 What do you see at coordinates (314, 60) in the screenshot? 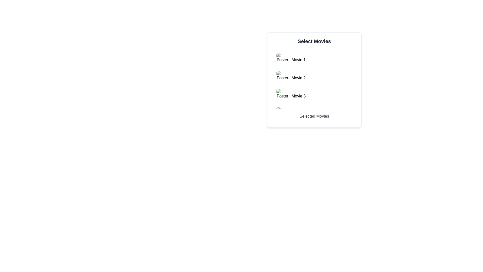
I see `the list item displaying 'Movie 1' with the poster image` at bounding box center [314, 60].